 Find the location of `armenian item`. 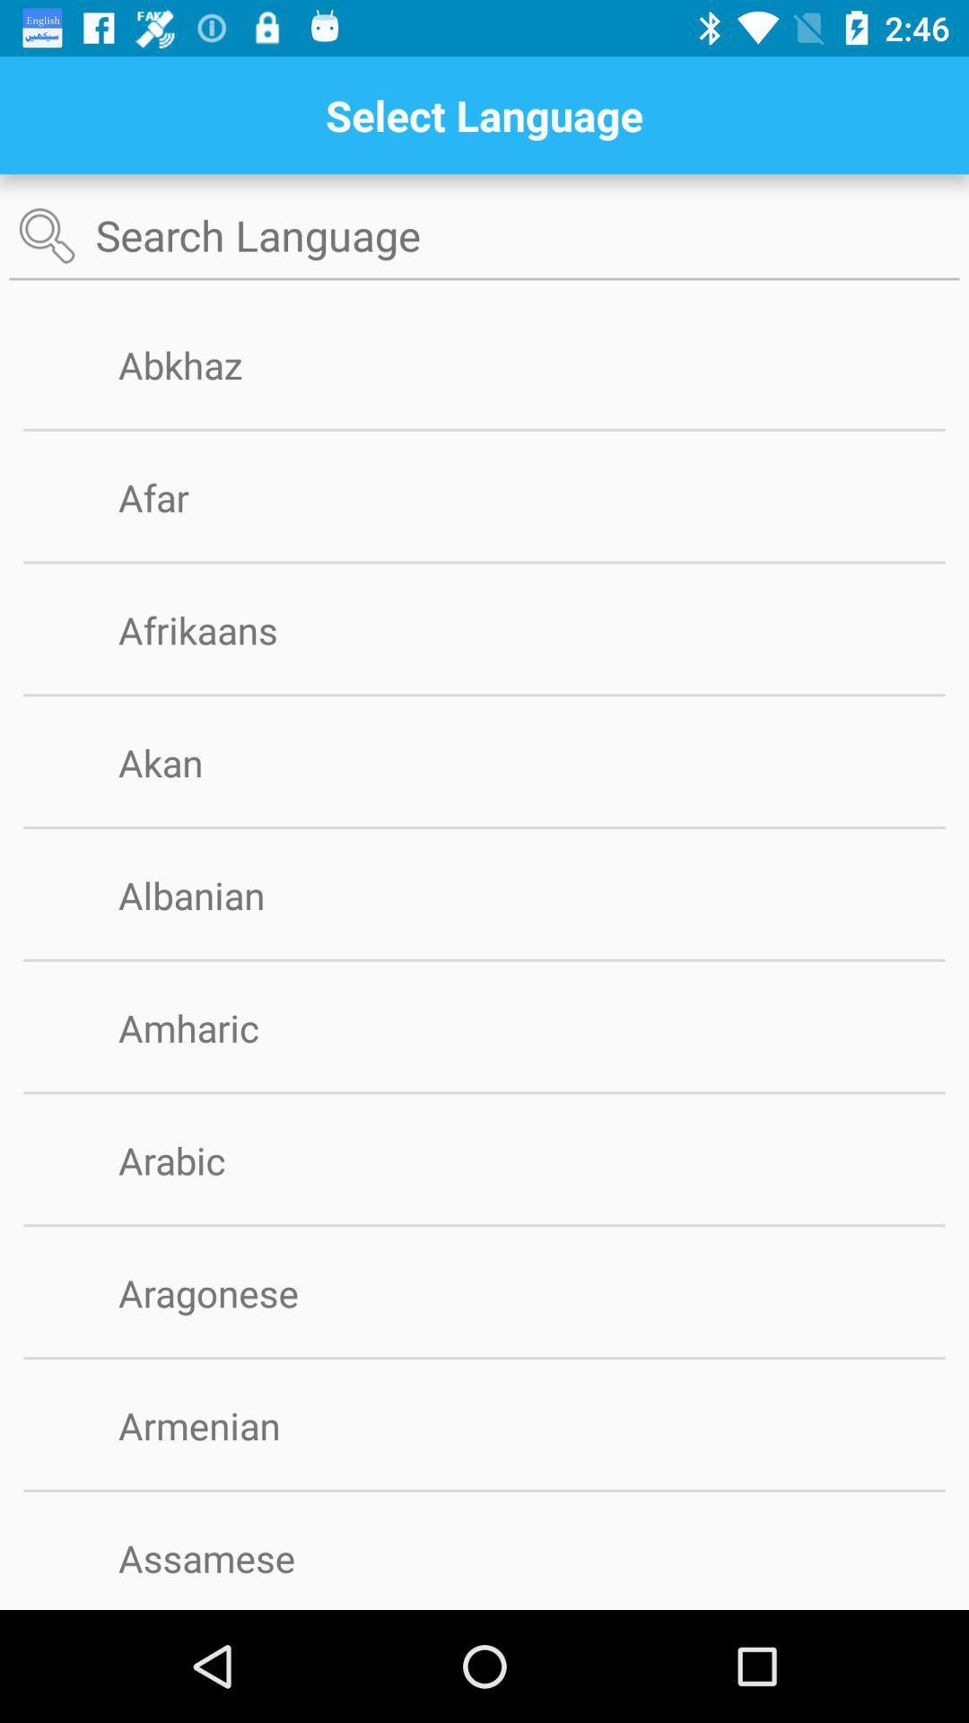

armenian item is located at coordinates (227, 1424).